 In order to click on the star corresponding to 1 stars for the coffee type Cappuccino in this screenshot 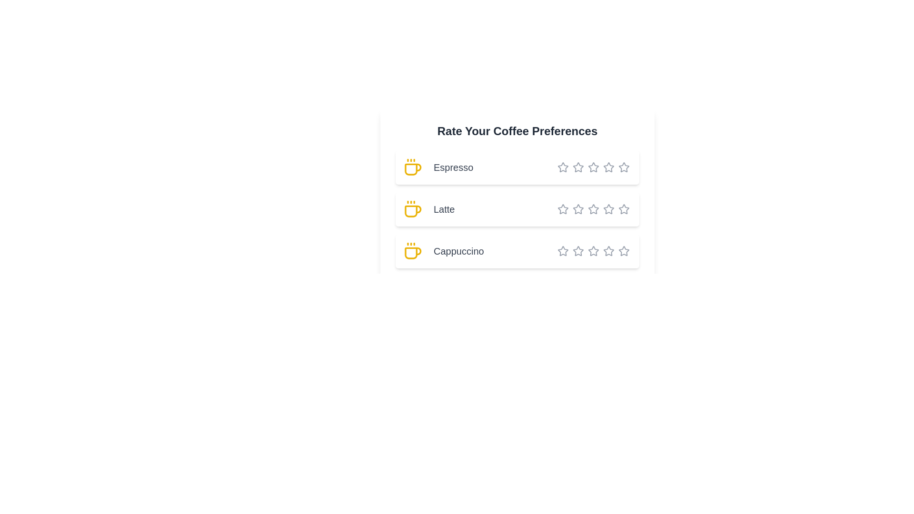, I will do `click(563, 251)`.